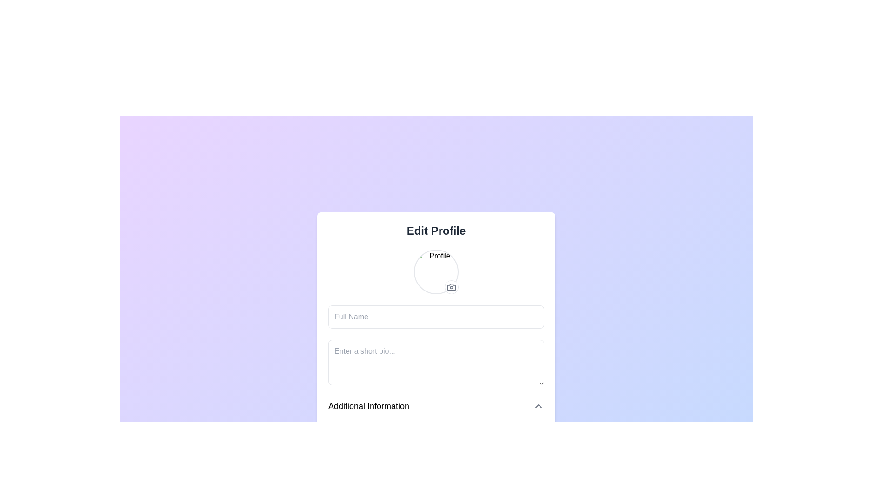 The image size is (893, 502). What do you see at coordinates (538, 405) in the screenshot?
I see `the button located in the bottom-right corner of the 'Additional Information' section to trigger visual changes` at bounding box center [538, 405].